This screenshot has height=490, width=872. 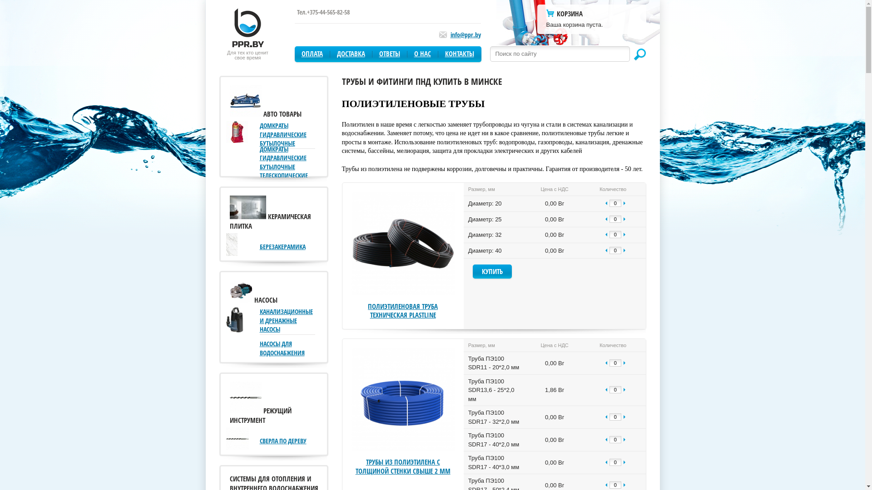 What do you see at coordinates (606, 219) in the screenshot?
I see `'-'` at bounding box center [606, 219].